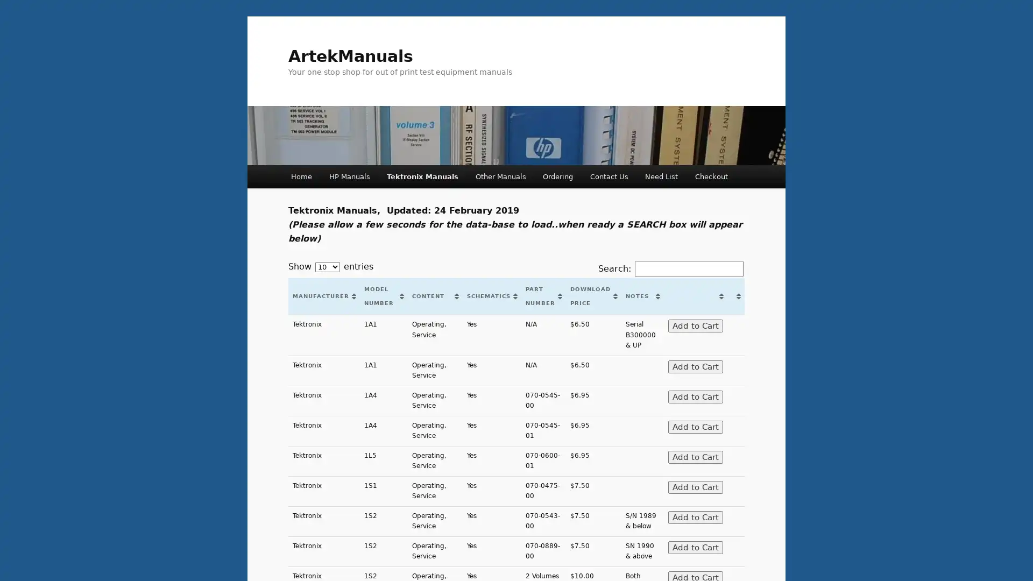  I want to click on Add to Cart, so click(695, 456).